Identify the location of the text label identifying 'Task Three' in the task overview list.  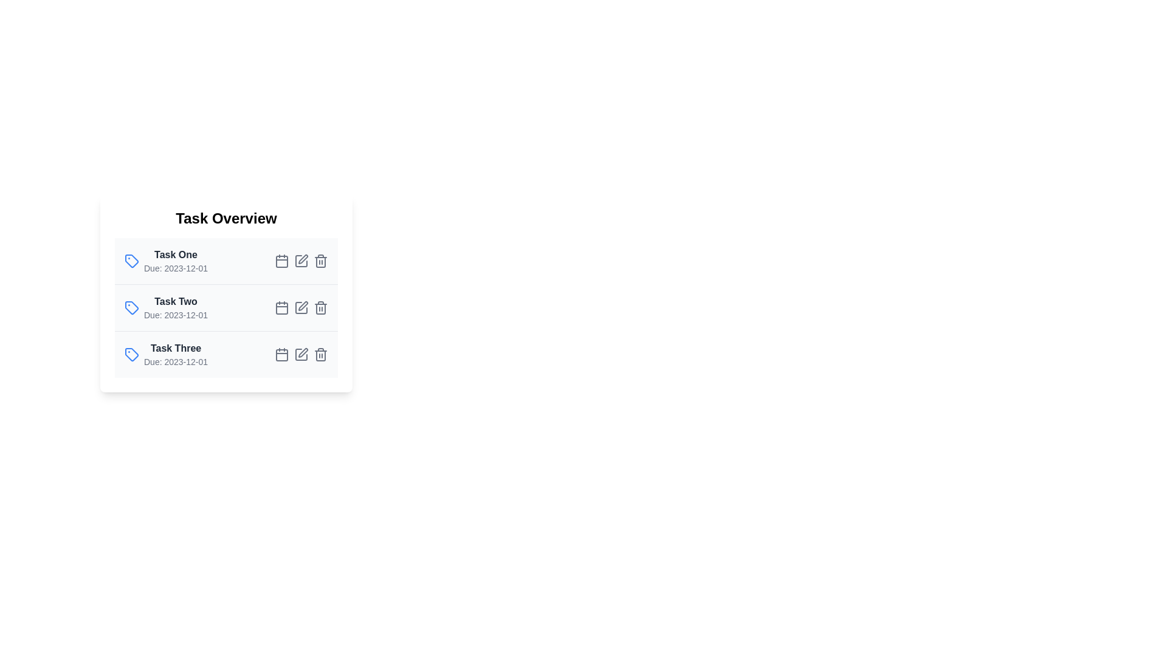
(175, 349).